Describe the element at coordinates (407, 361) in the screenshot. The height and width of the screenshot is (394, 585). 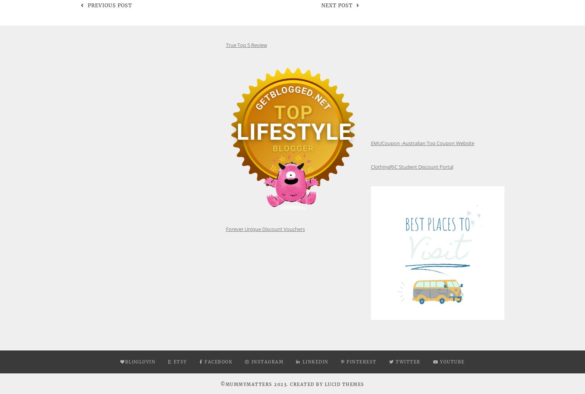
I see `'Twitter'` at that location.